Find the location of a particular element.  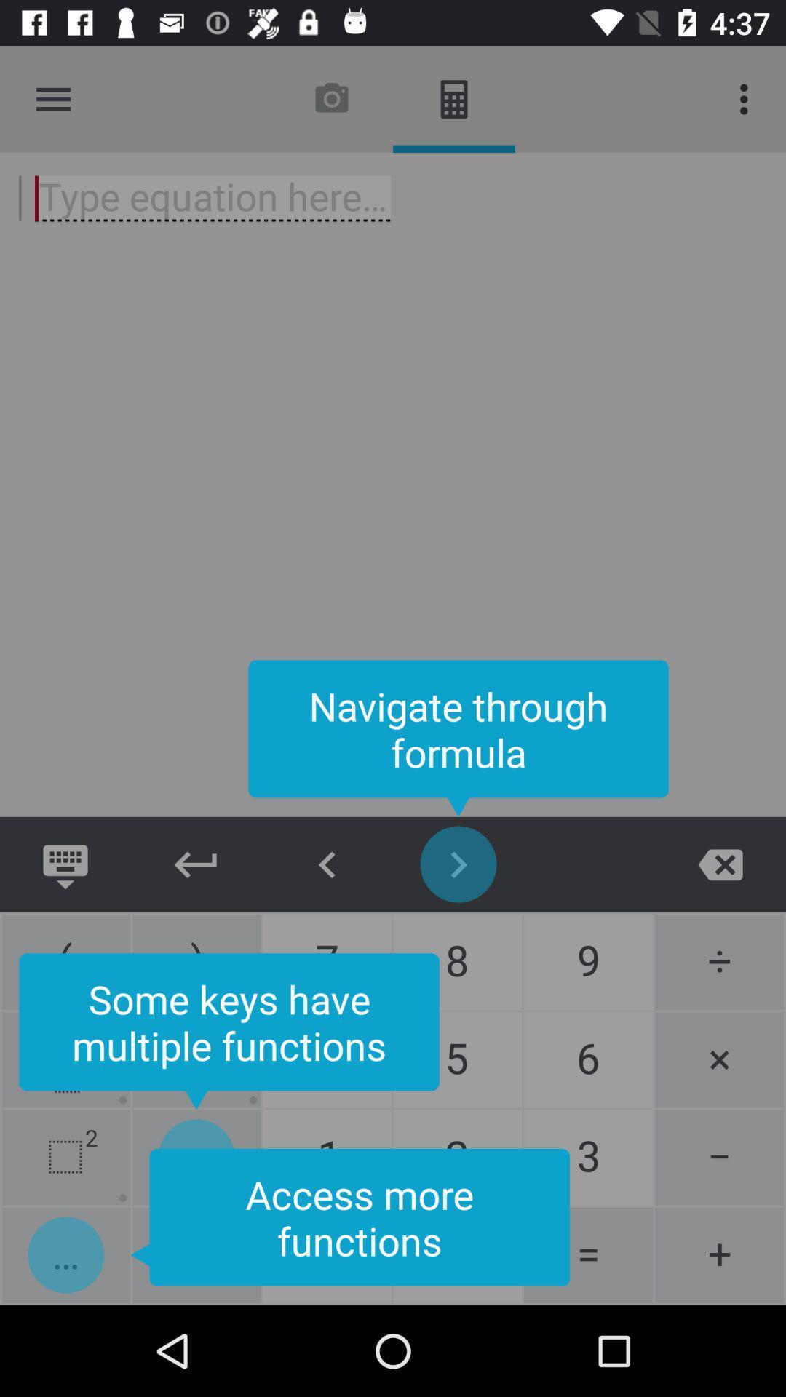

the button left to is located at coordinates (587, 1254).